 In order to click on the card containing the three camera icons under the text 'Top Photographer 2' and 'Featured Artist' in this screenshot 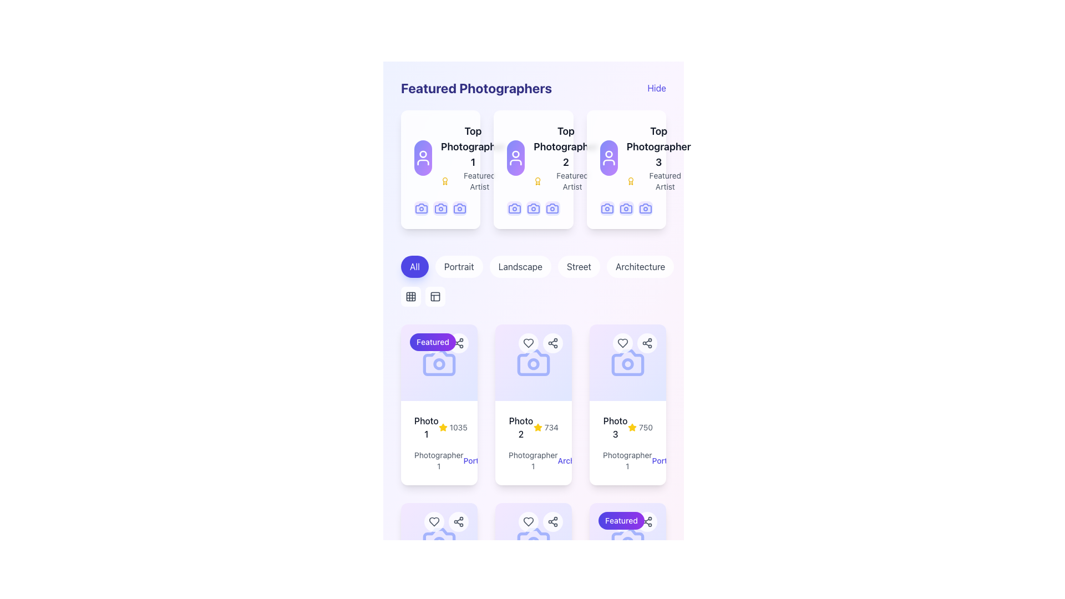, I will do `click(533, 209)`.